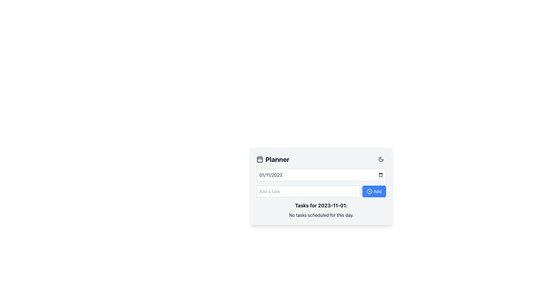 Image resolution: width=536 pixels, height=301 pixels. I want to click on the Text Display Area which shows the message 'Tasks for 2023-11-01:' and 'No tasks scheduled for this day.', so click(321, 210).